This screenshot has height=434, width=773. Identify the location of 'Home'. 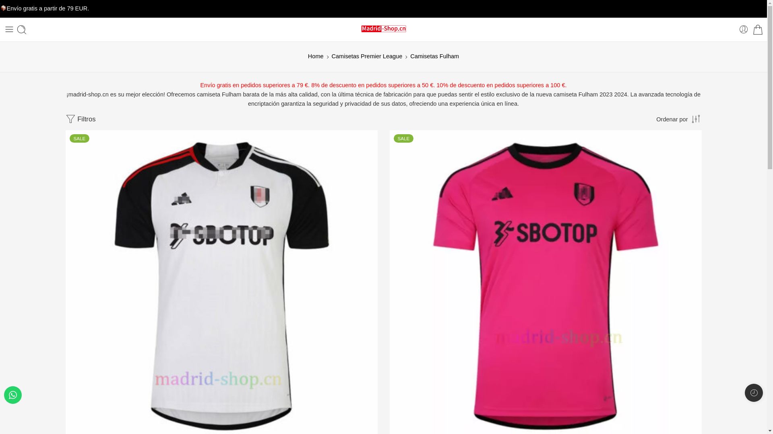
(315, 56).